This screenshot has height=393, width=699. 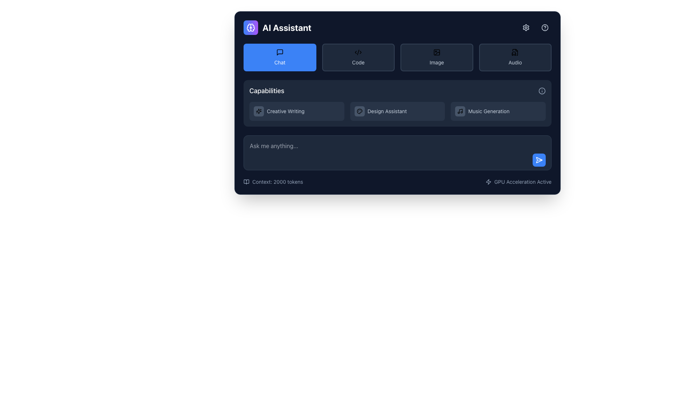 I want to click on the decorative vector graphic icon corresponding to the 'Creative Writing' feature, located at the left side of the row labeled 'Creative Writing' under the capabilities section, so click(x=258, y=111).